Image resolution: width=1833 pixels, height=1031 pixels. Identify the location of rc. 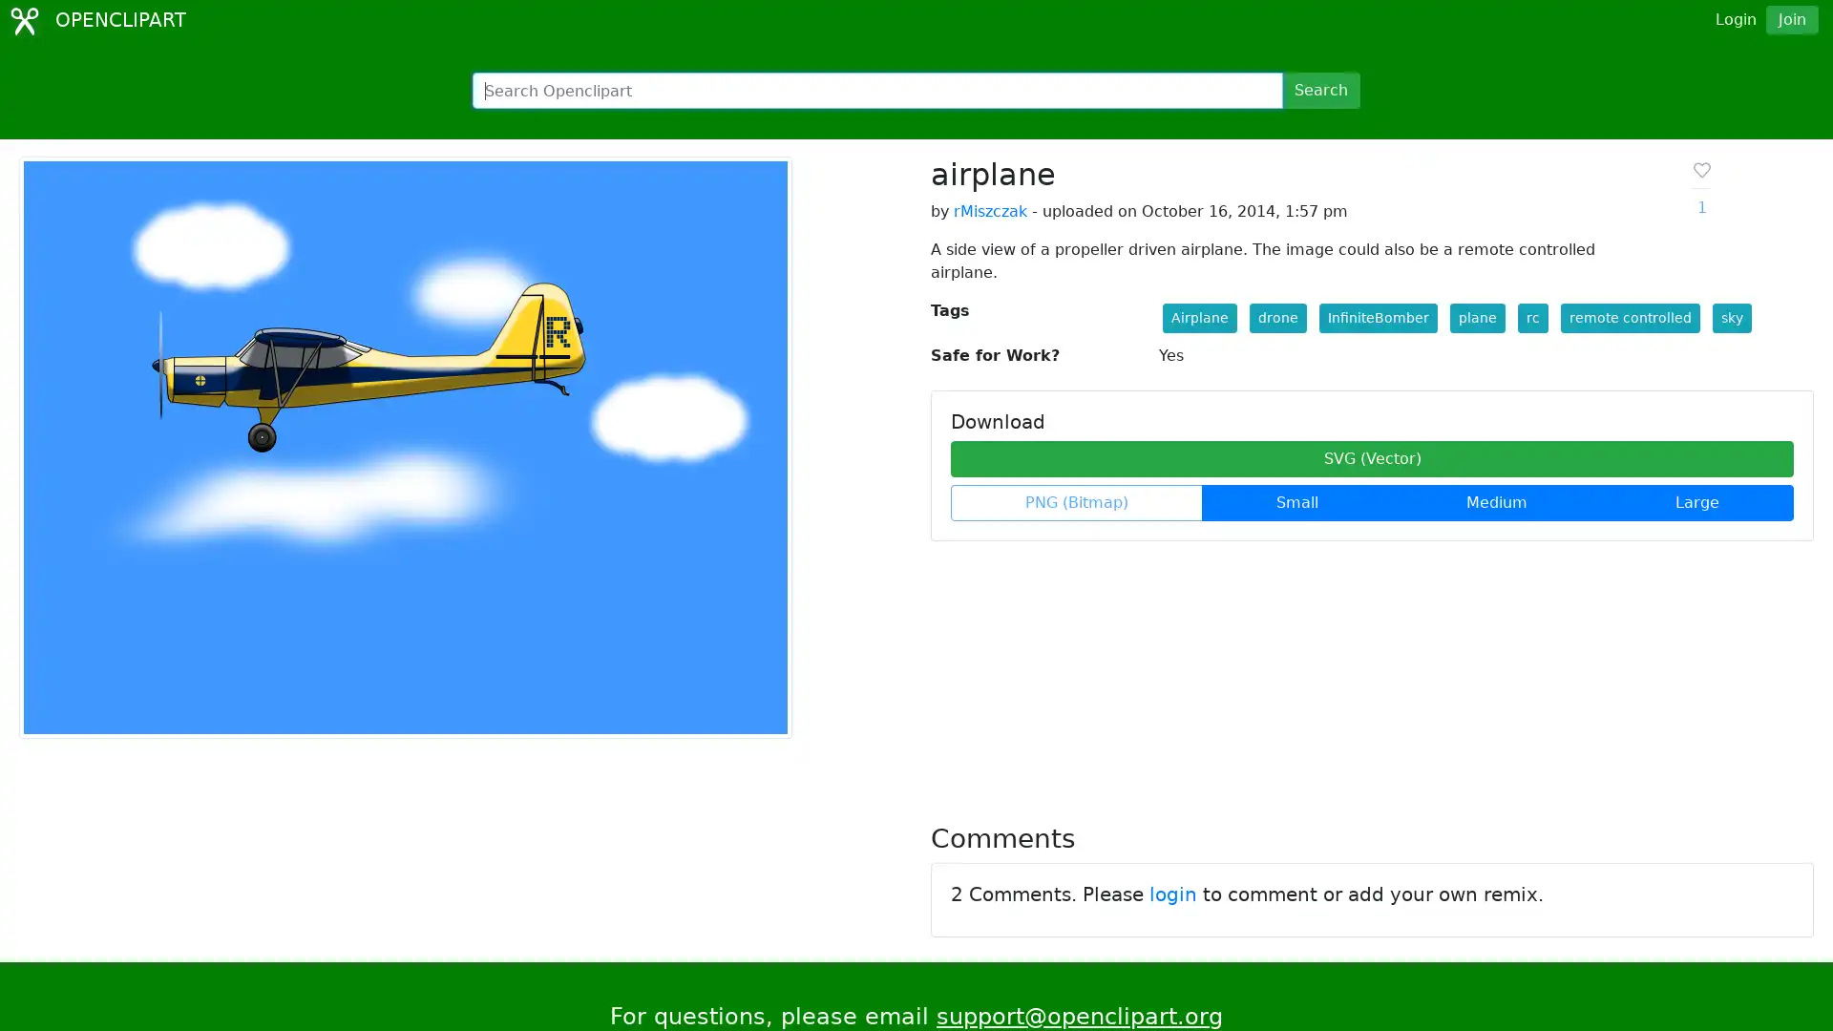
(1531, 317).